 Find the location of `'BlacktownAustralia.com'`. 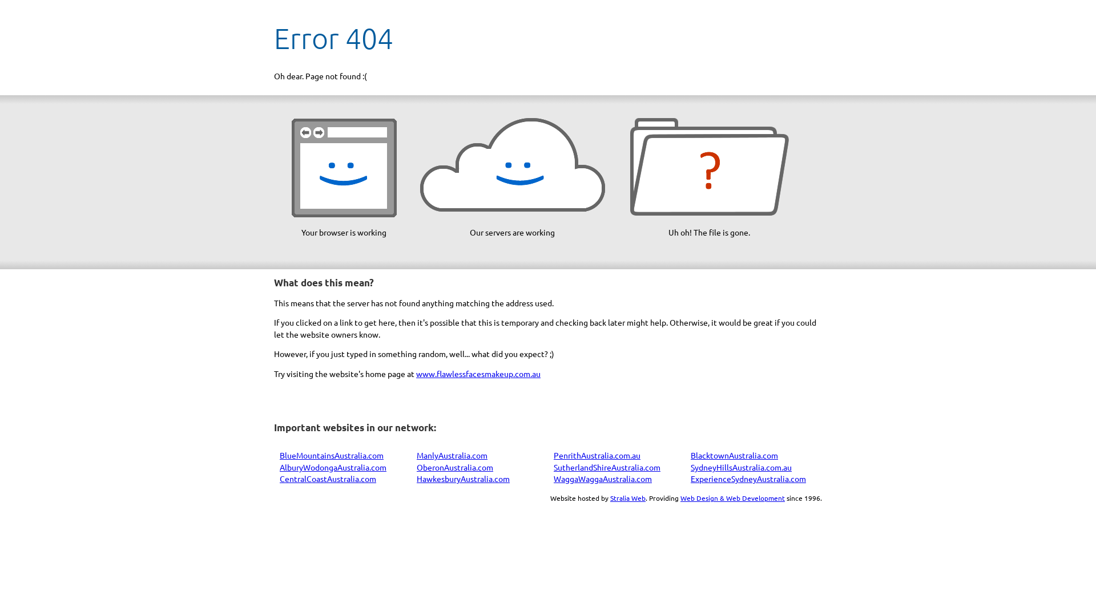

'BlacktownAustralia.com' is located at coordinates (734, 455).